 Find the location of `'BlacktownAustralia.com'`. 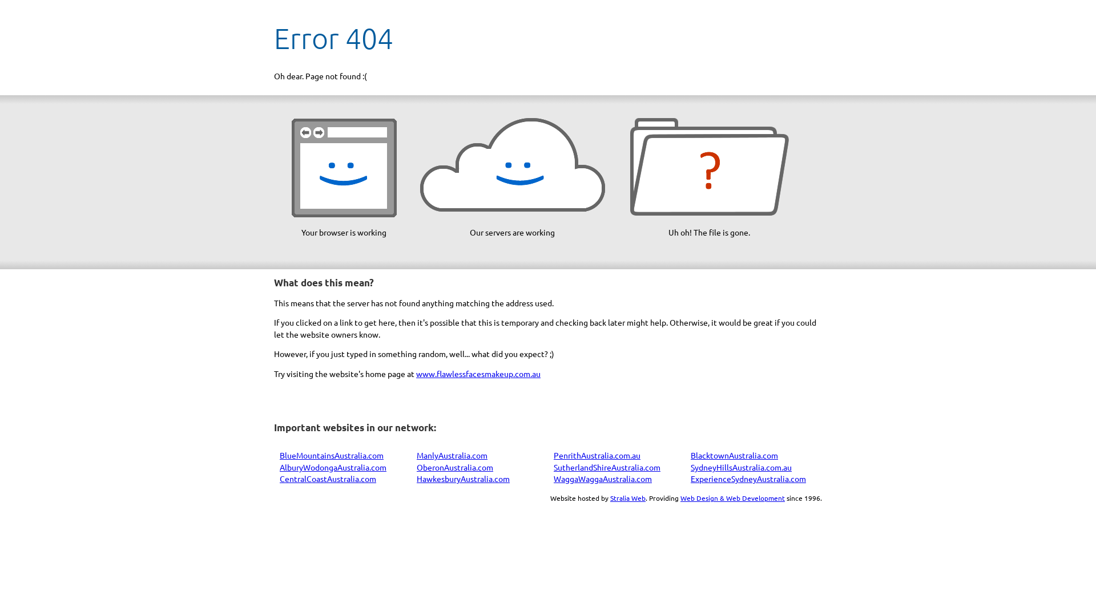

'BlacktownAustralia.com' is located at coordinates (734, 455).